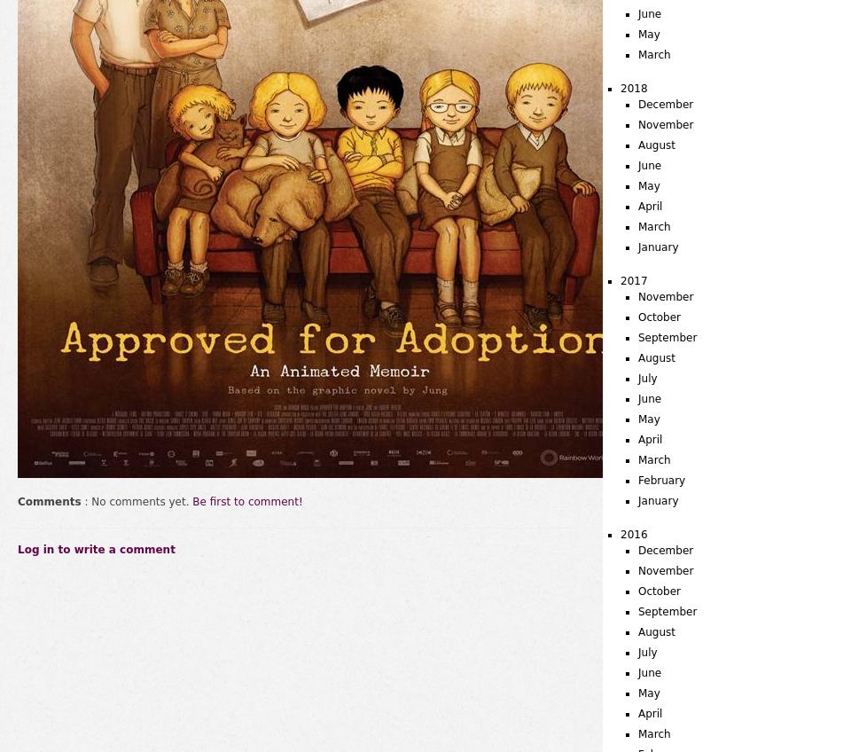  Describe the element at coordinates (246, 501) in the screenshot. I see `'Be first to comment!'` at that location.